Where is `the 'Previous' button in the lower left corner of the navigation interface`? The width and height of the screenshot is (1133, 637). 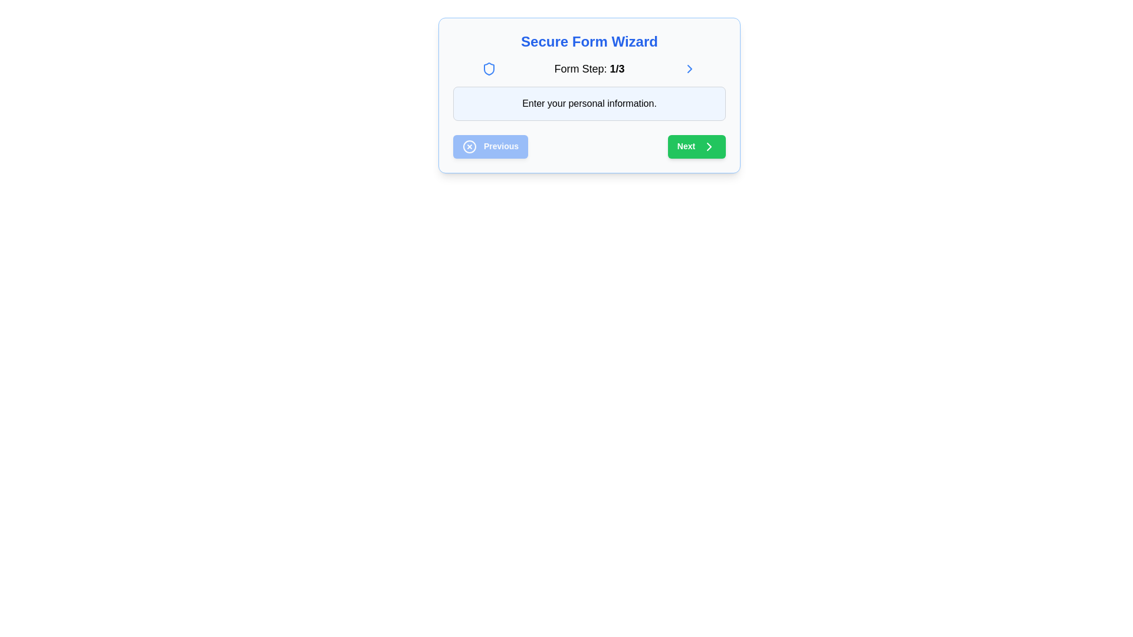
the 'Previous' button in the lower left corner of the navigation interface is located at coordinates (490, 146).